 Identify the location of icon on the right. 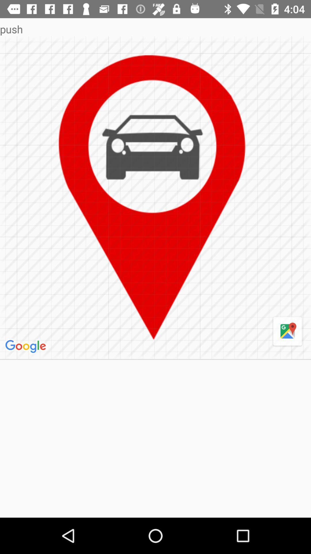
(287, 332).